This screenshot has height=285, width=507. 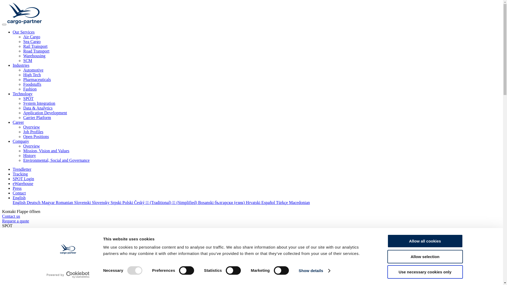 I want to click on 'Industries', so click(x=21, y=65).